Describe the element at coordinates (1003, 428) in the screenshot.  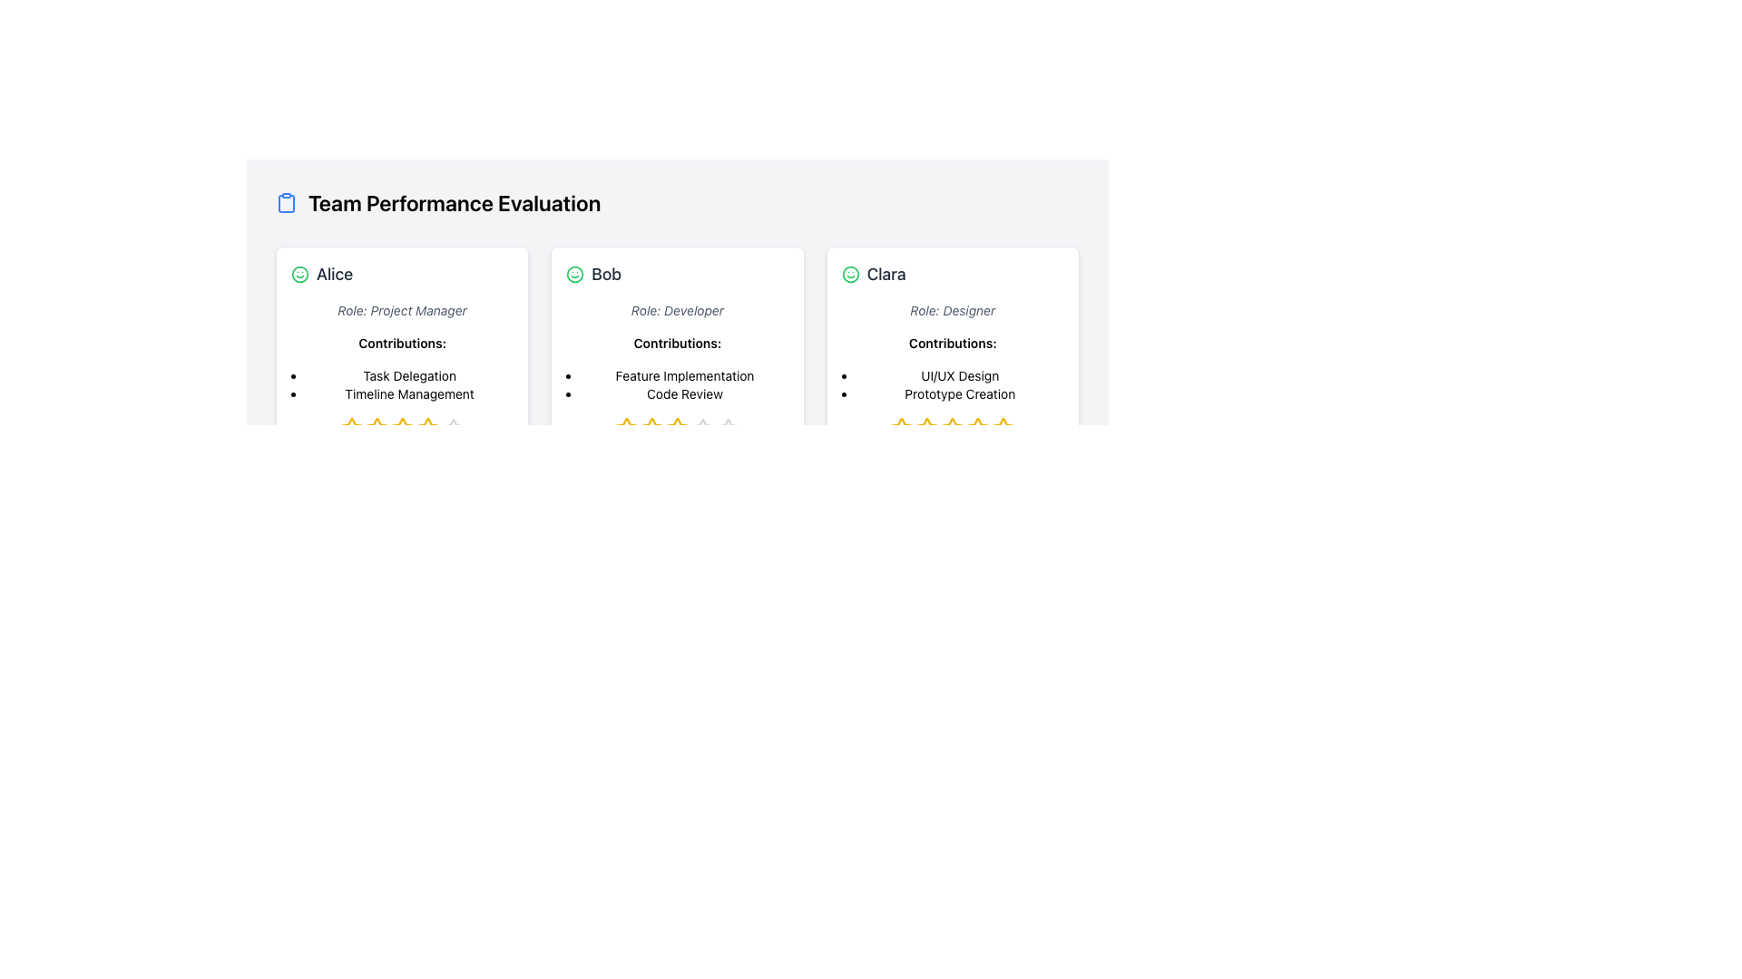
I see `from the fifth golden-yellow star icon in the star rating row beneath the 'Clara - Designer' card` at that location.